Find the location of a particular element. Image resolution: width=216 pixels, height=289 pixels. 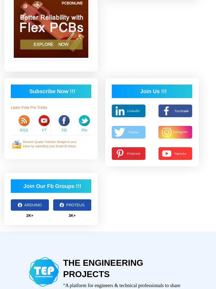

'3K+' is located at coordinates (72, 215).